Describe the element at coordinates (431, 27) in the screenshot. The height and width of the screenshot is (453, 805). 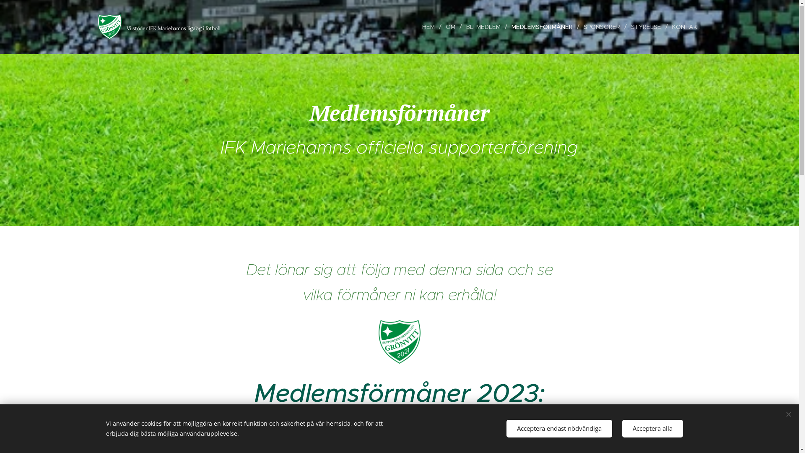
I see `'HEM'` at that location.